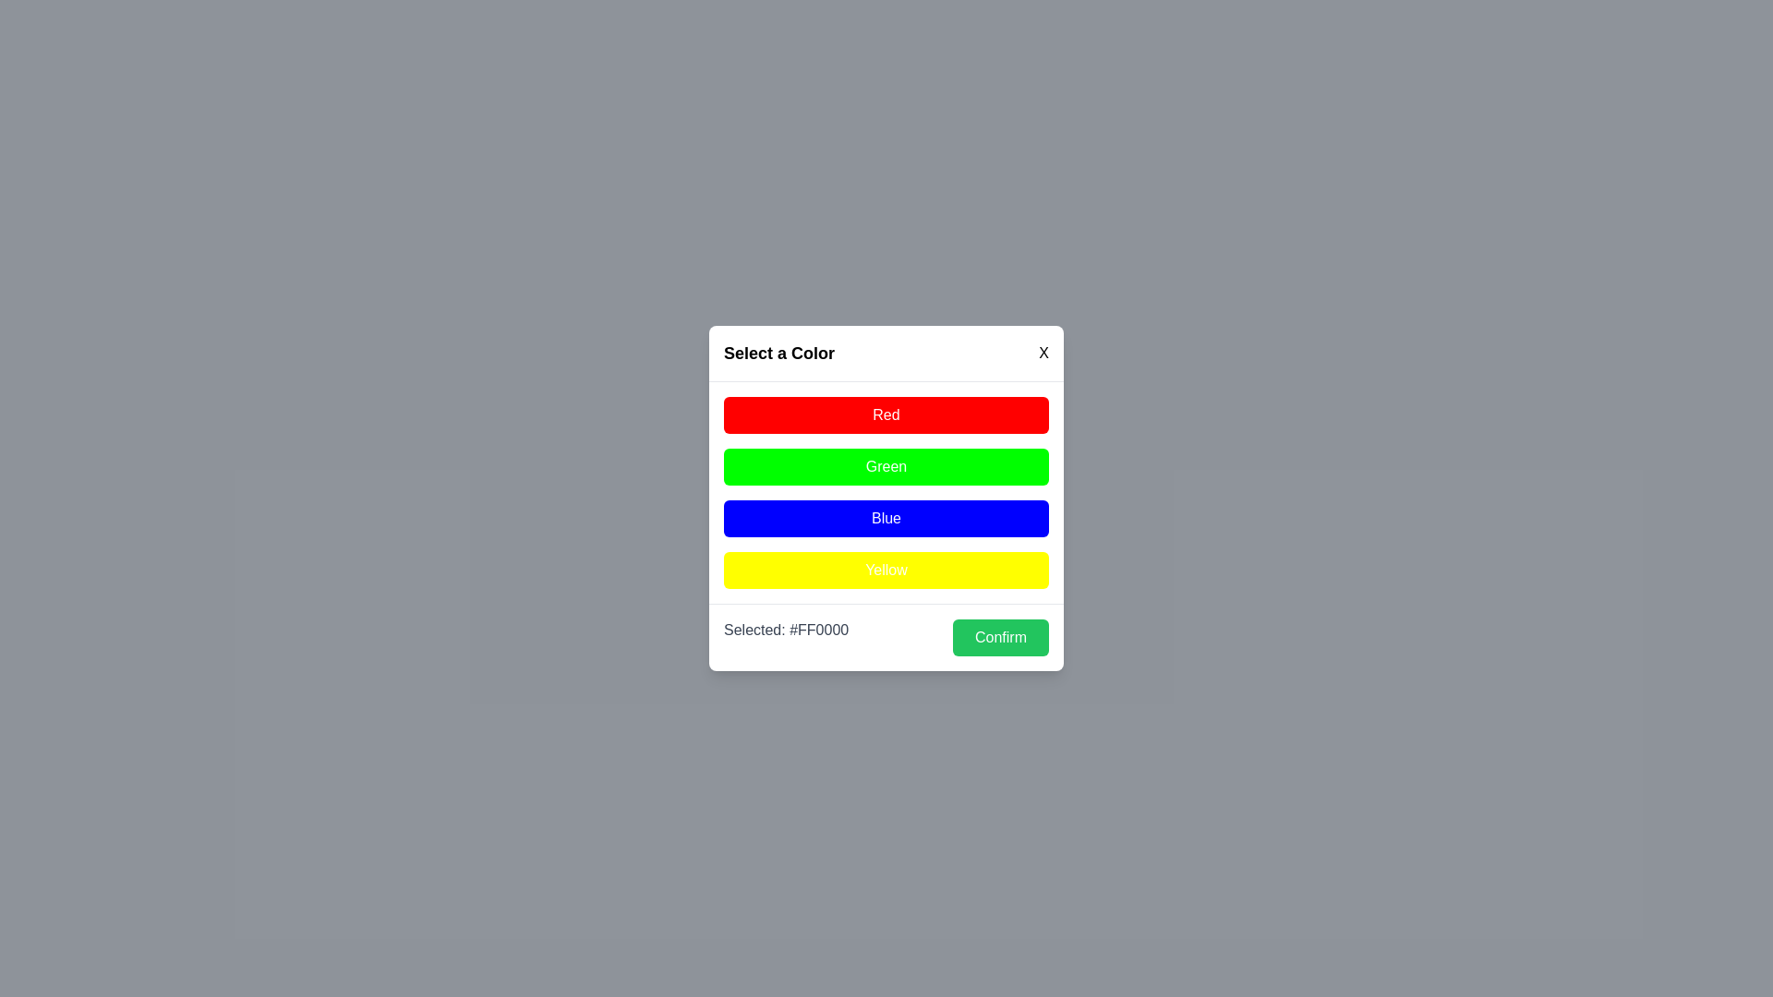  What do you see at coordinates (886, 519) in the screenshot?
I see `the Blue button to select the corresponding color` at bounding box center [886, 519].